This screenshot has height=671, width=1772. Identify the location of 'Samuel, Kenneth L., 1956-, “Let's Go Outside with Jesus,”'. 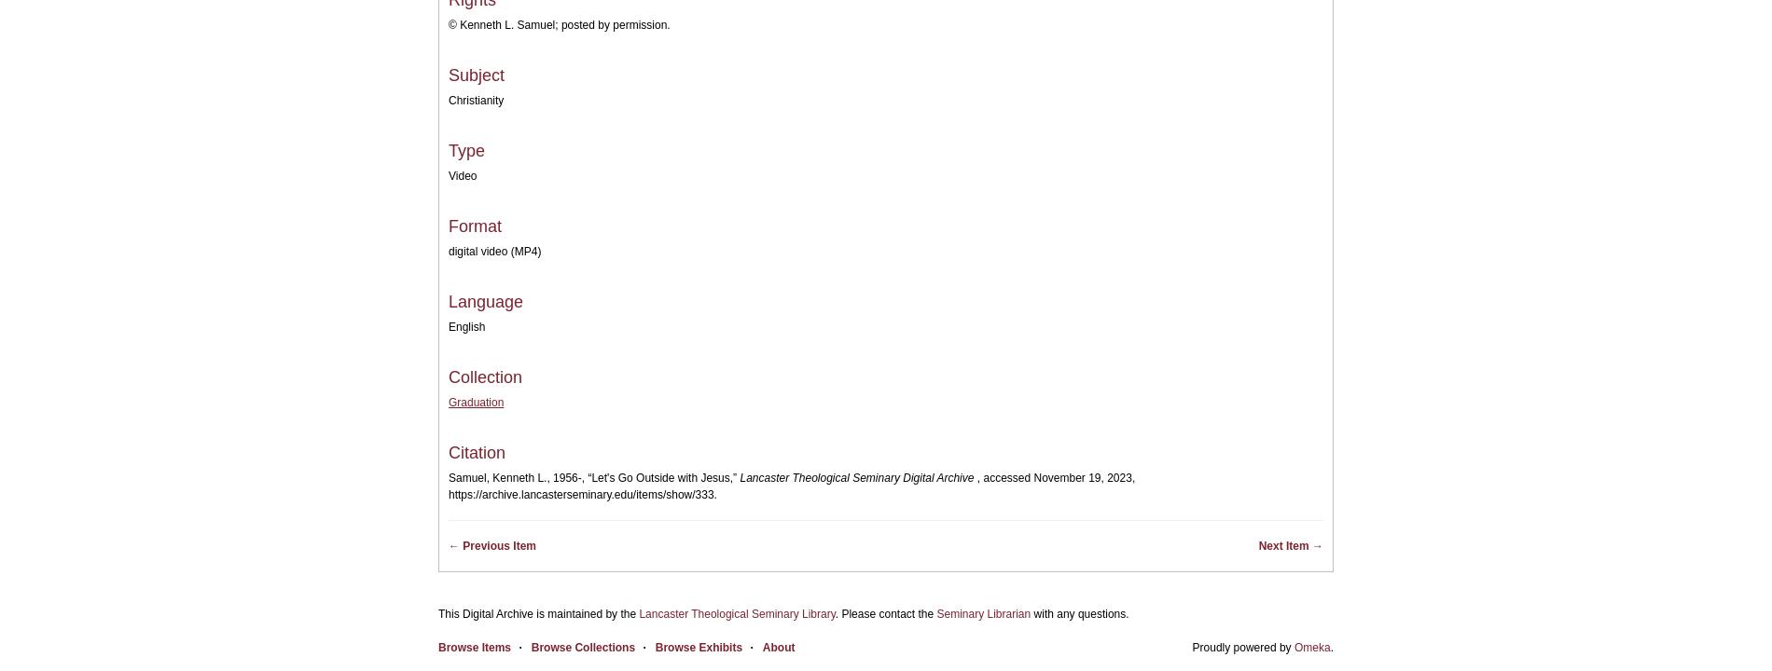
(449, 477).